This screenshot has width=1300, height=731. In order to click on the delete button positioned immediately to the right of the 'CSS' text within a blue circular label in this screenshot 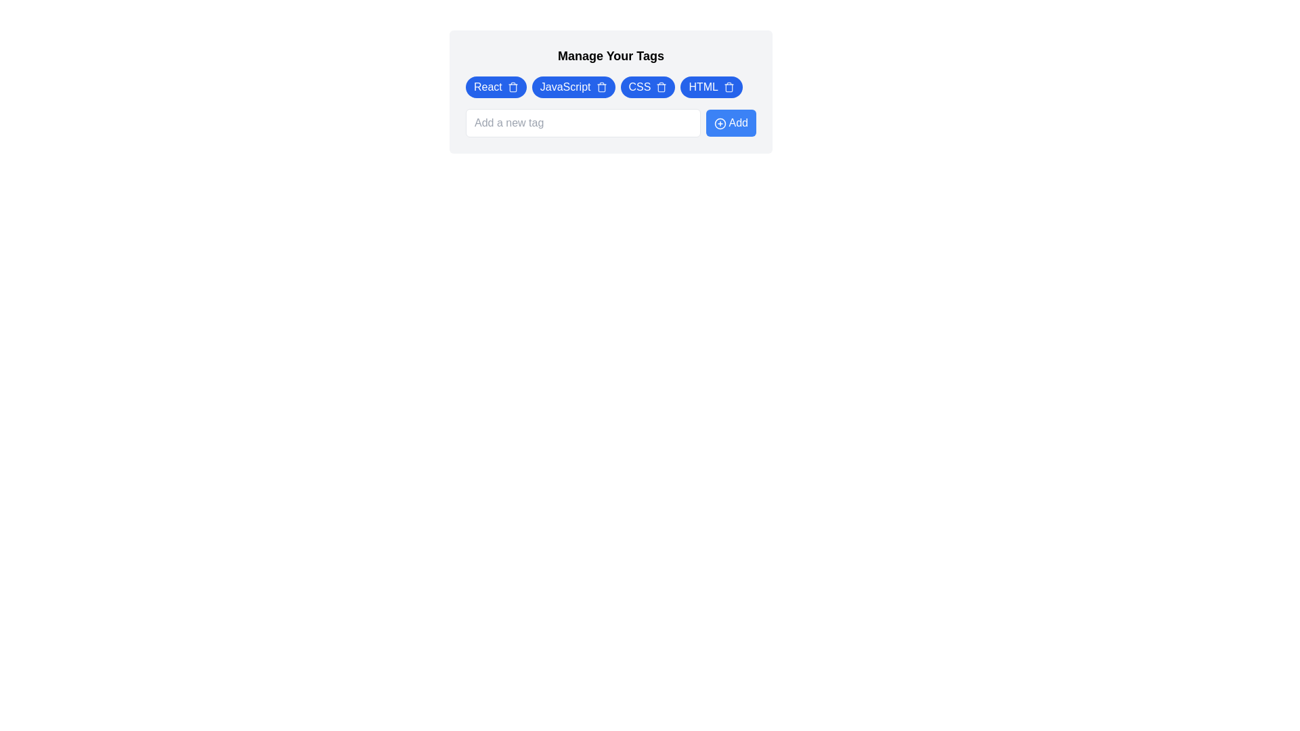, I will do `click(662, 87)`.